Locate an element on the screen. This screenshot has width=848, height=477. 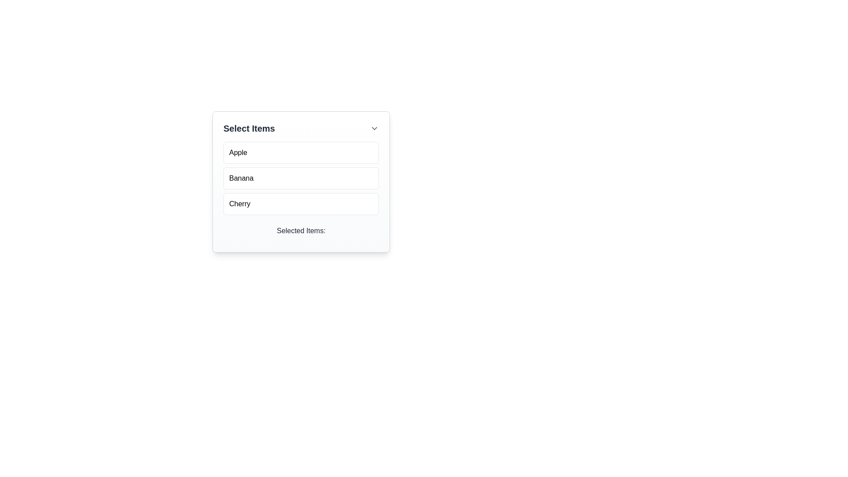
the 'Banana' option button, which is the second item in a vertical list of three options within the 'Select Items' card is located at coordinates (301, 182).